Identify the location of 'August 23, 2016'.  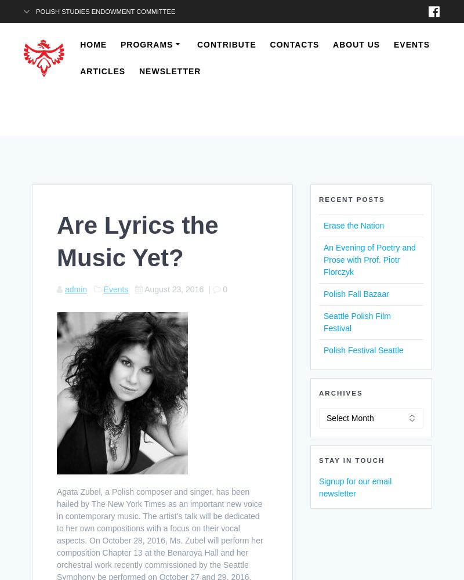
(174, 288).